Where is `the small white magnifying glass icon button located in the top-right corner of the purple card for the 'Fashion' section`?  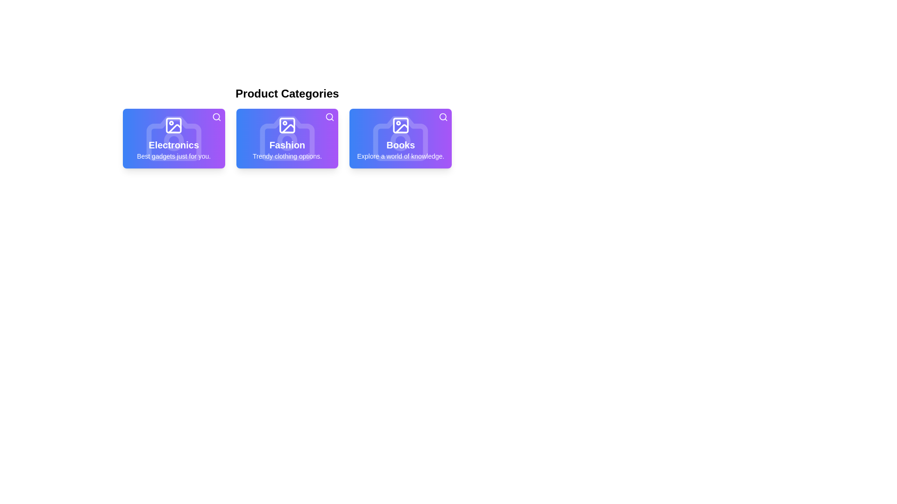 the small white magnifying glass icon button located in the top-right corner of the purple card for the 'Fashion' section is located at coordinates (330, 116).